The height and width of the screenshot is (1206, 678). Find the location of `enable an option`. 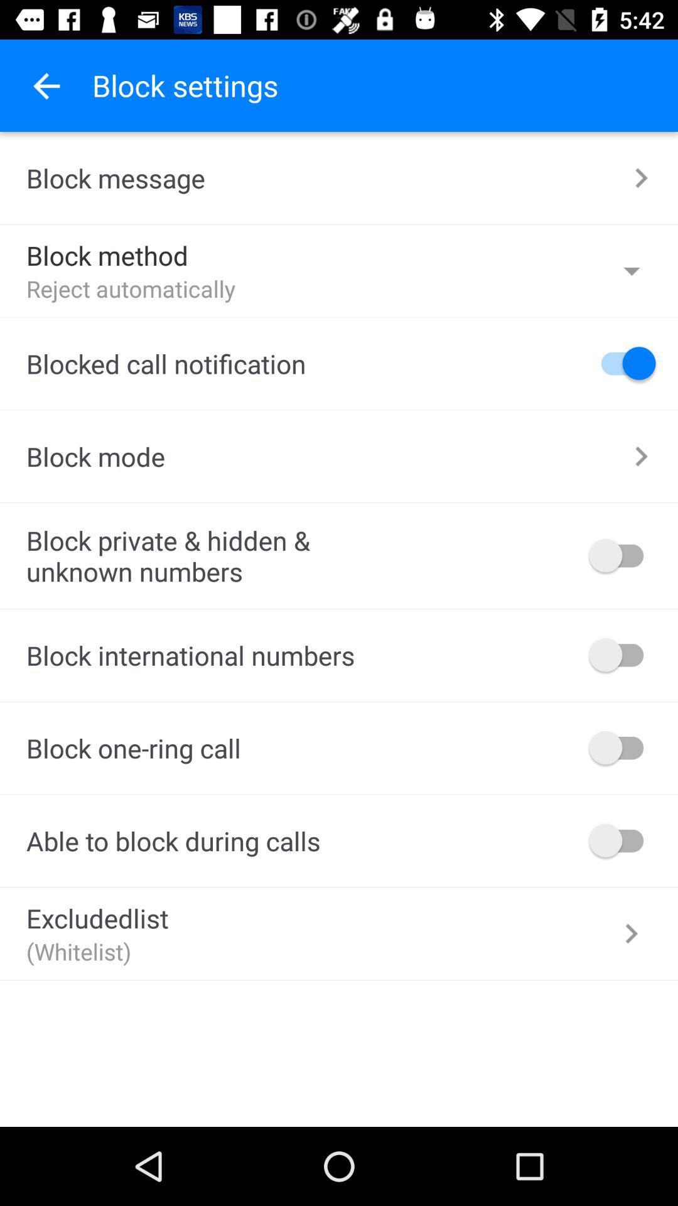

enable an option is located at coordinates (622, 747).